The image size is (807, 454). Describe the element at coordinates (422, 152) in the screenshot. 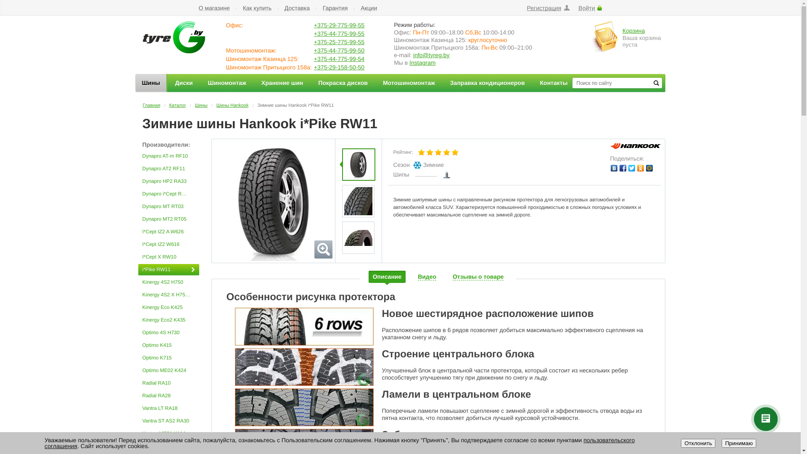

I see `'1'` at that location.